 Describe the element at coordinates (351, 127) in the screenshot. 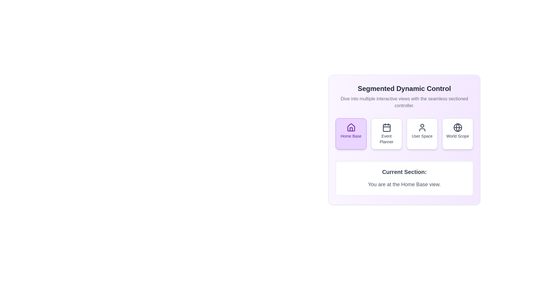

I see `the 'Home Base' button, which features a purple home icon in the upper-left corner of the control panel` at that location.